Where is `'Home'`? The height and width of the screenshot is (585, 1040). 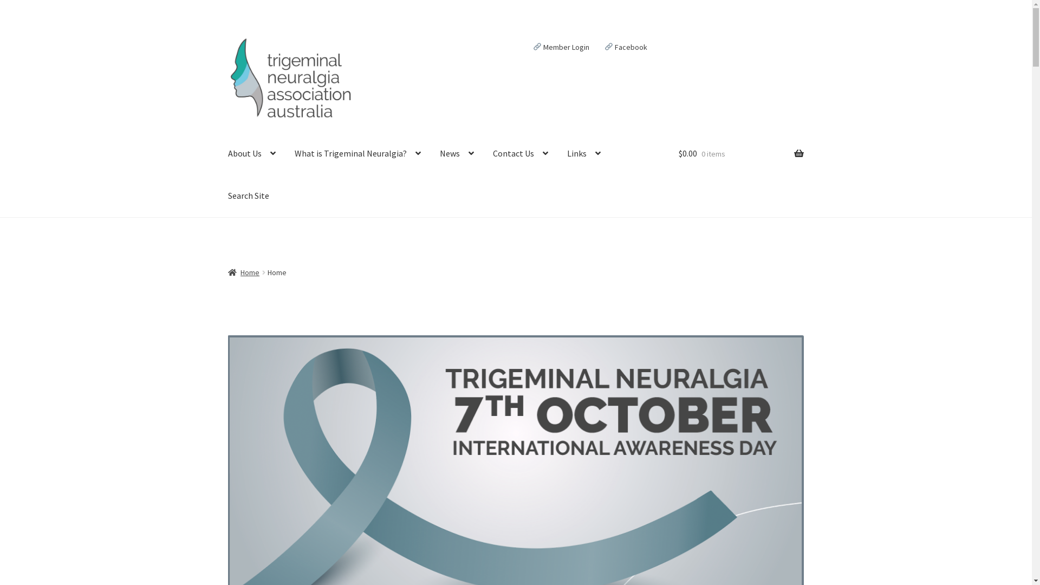
'Home' is located at coordinates (243, 271).